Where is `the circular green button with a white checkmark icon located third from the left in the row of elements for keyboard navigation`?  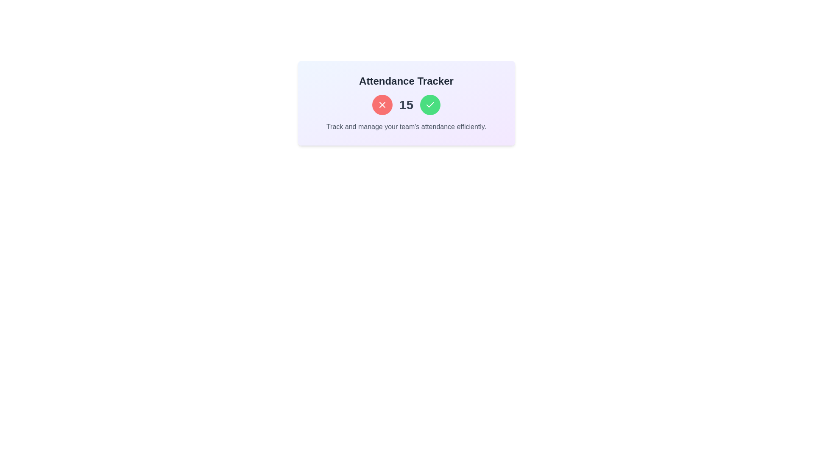 the circular green button with a white checkmark icon located third from the left in the row of elements for keyboard navigation is located at coordinates (430, 104).